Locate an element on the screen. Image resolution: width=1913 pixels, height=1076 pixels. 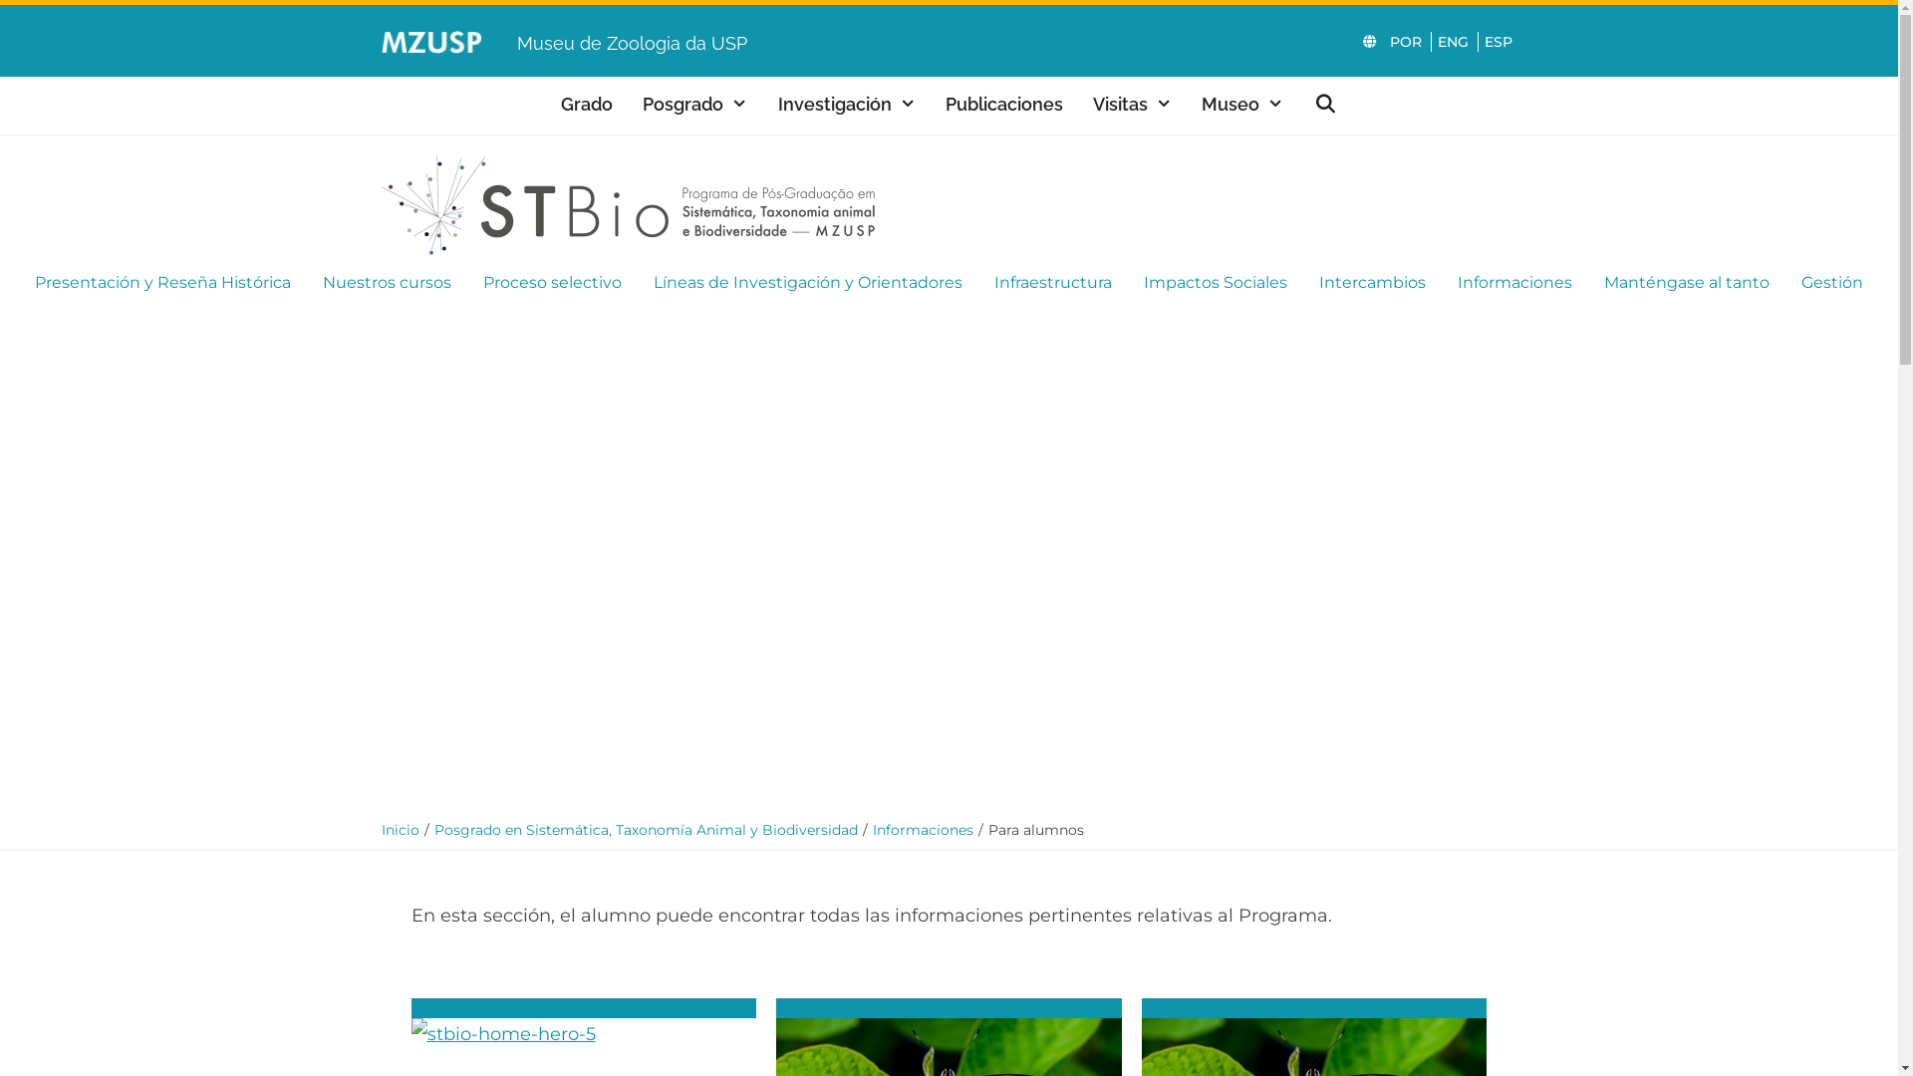
'ENG' is located at coordinates (1452, 42).